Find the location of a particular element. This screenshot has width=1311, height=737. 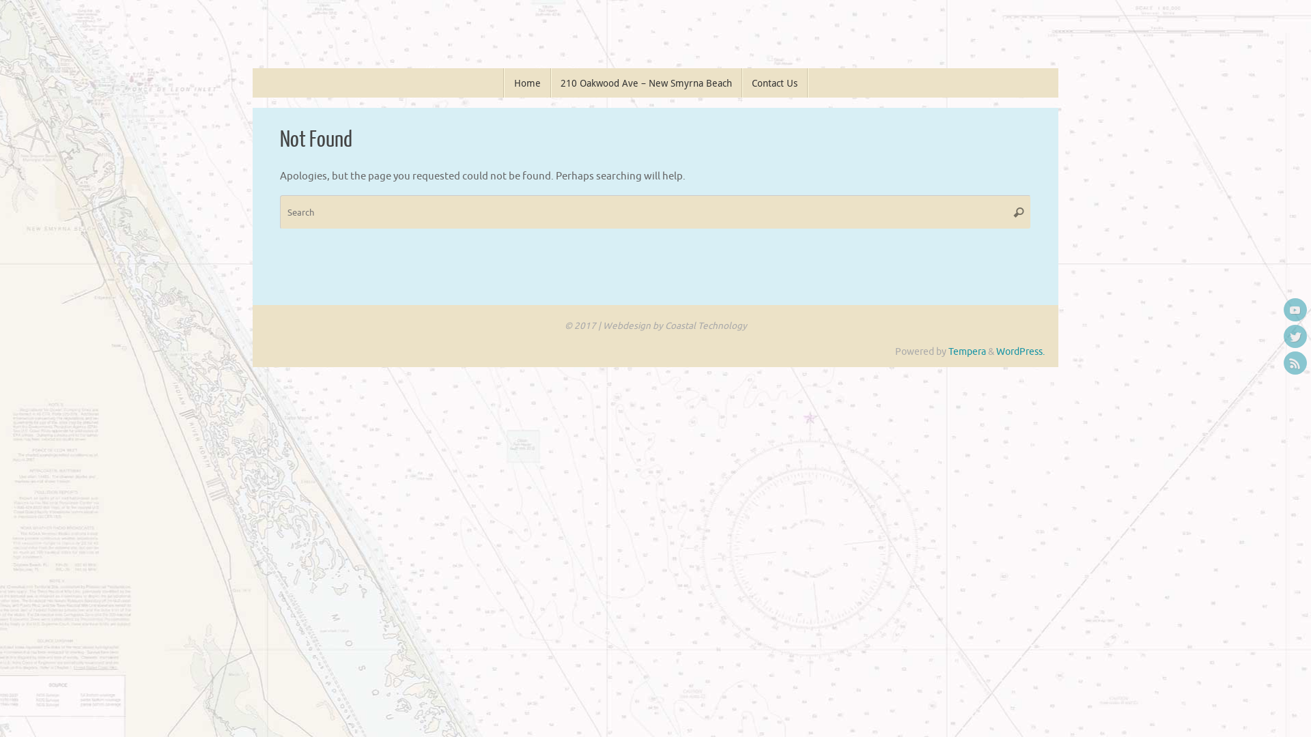

'YouTube' is located at coordinates (1294, 310).